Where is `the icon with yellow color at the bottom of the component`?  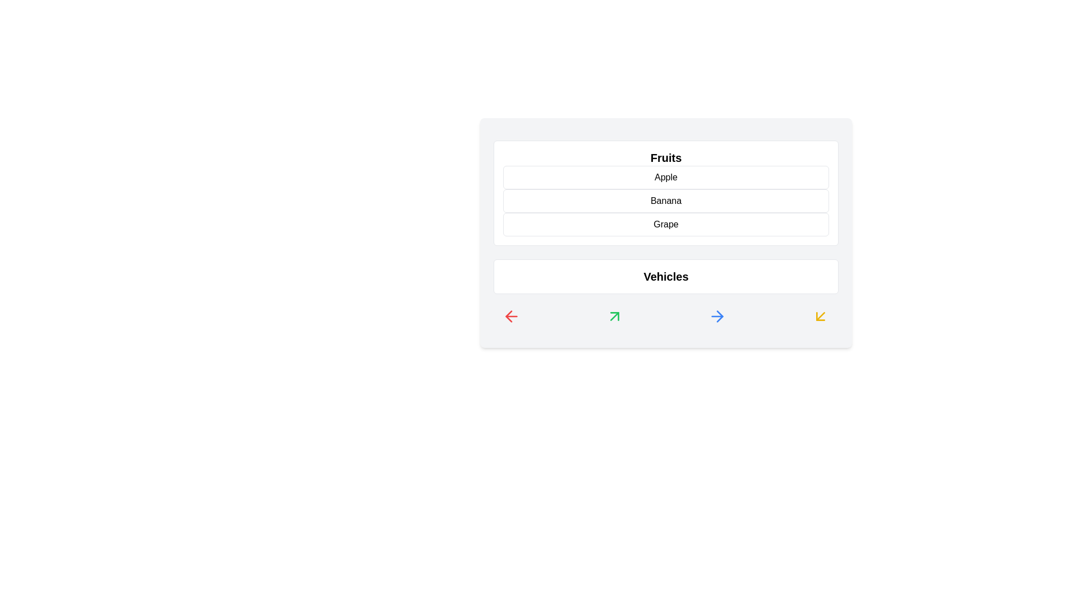 the icon with yellow color at the bottom of the component is located at coordinates (821, 316).